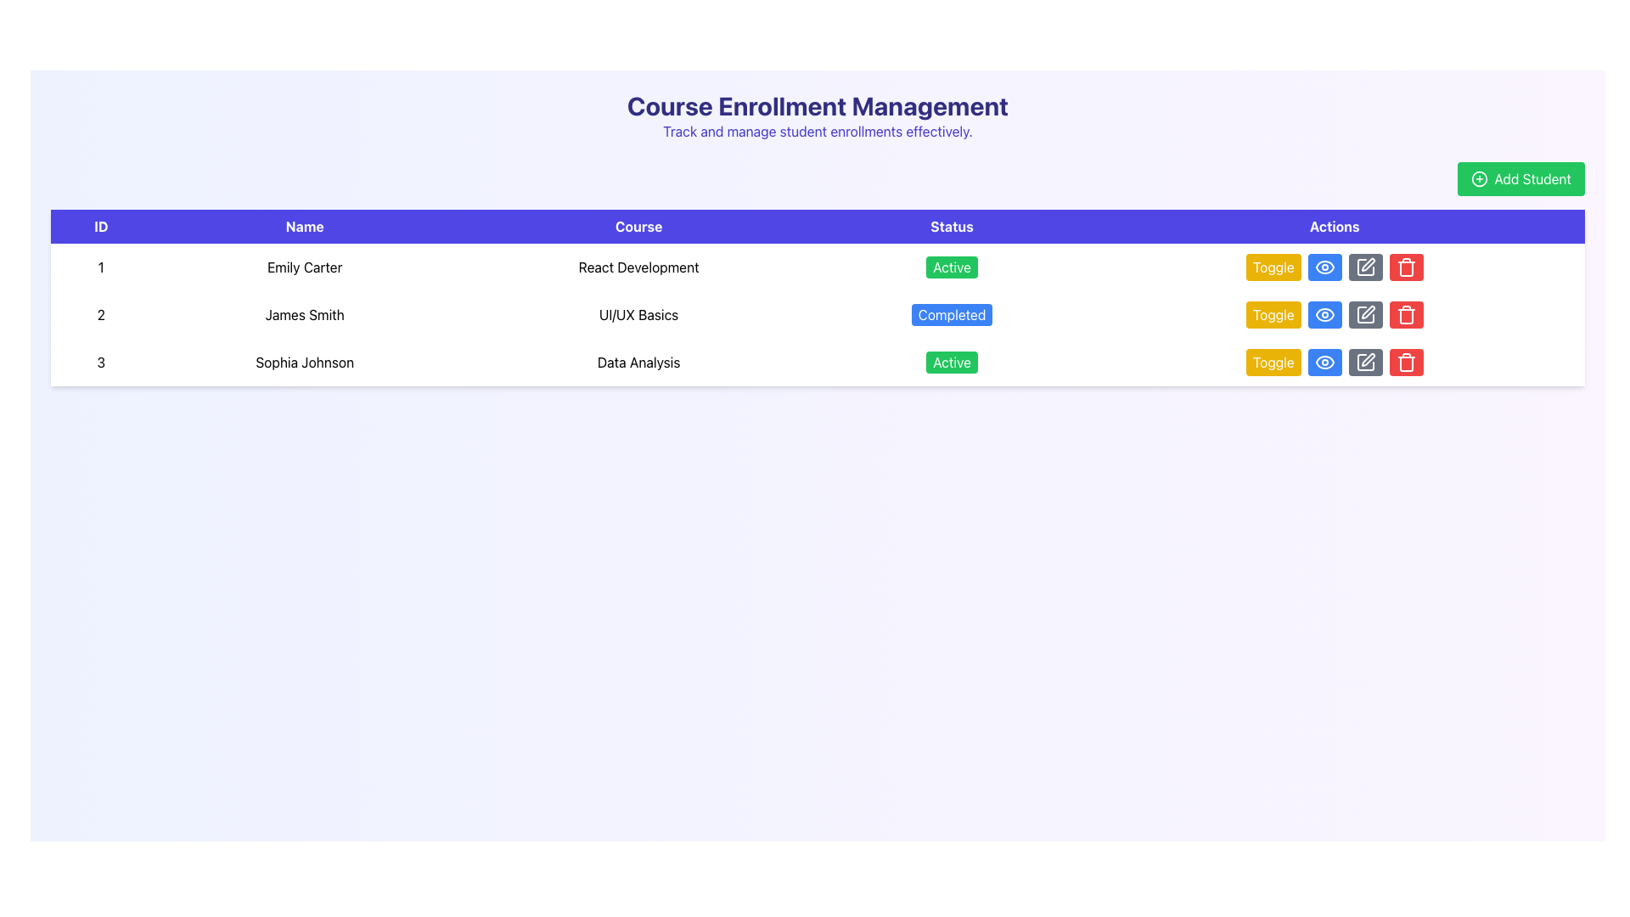 This screenshot has height=917, width=1630. What do you see at coordinates (1406, 314) in the screenshot?
I see `the red trash button located in the third row of the table under the 'Actions' column to observe the hover effect` at bounding box center [1406, 314].